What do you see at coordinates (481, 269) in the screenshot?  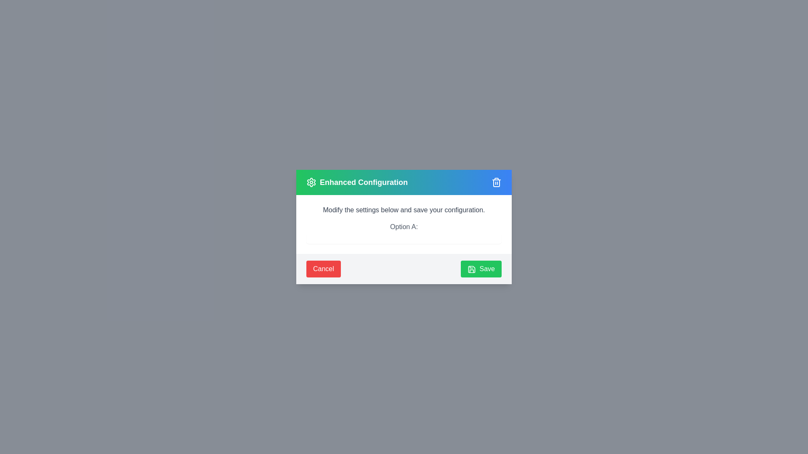 I see `the 'Save' button to save the configuration` at bounding box center [481, 269].